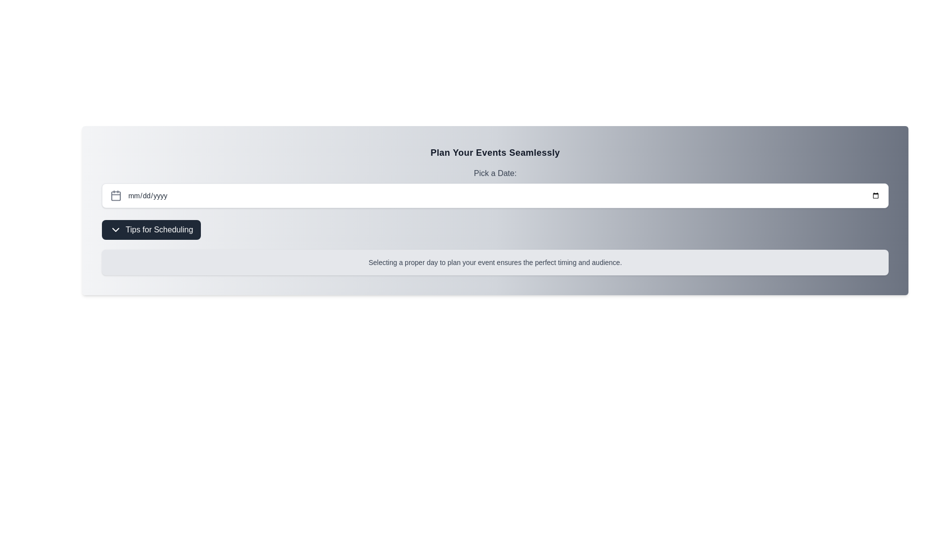 This screenshot has width=950, height=534. What do you see at coordinates (116, 230) in the screenshot?
I see `the chevron icon for the collapsible dropdown menu located within the 'Tips for Scheduling' button` at bounding box center [116, 230].